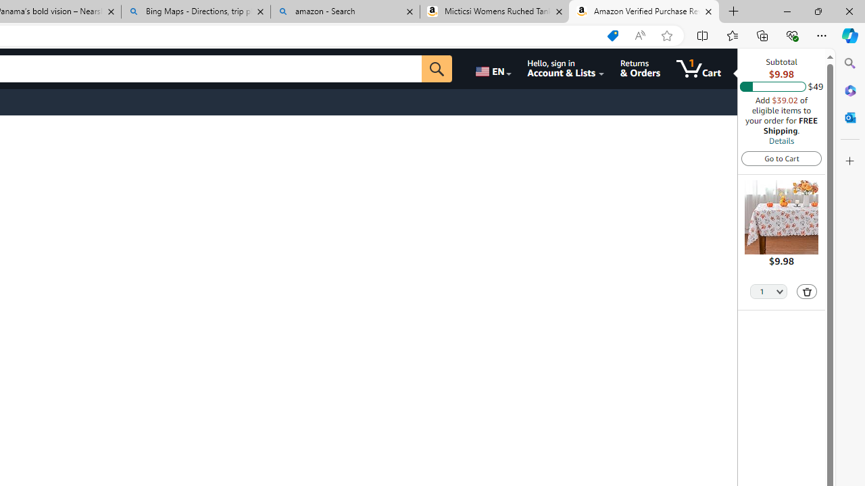  I want to click on 'Delete', so click(807, 290).